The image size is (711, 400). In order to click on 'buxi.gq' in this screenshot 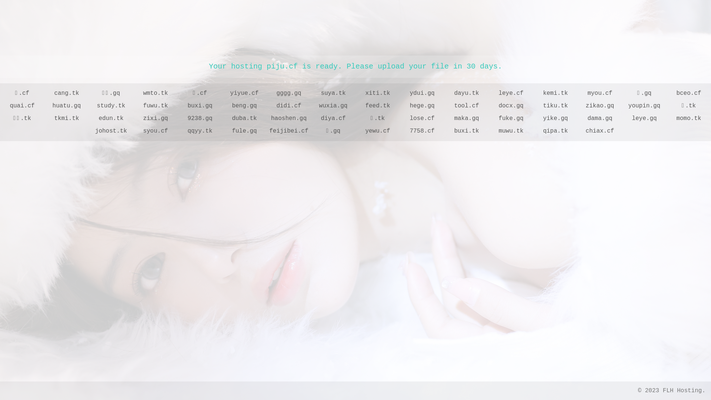, I will do `click(200, 106)`.